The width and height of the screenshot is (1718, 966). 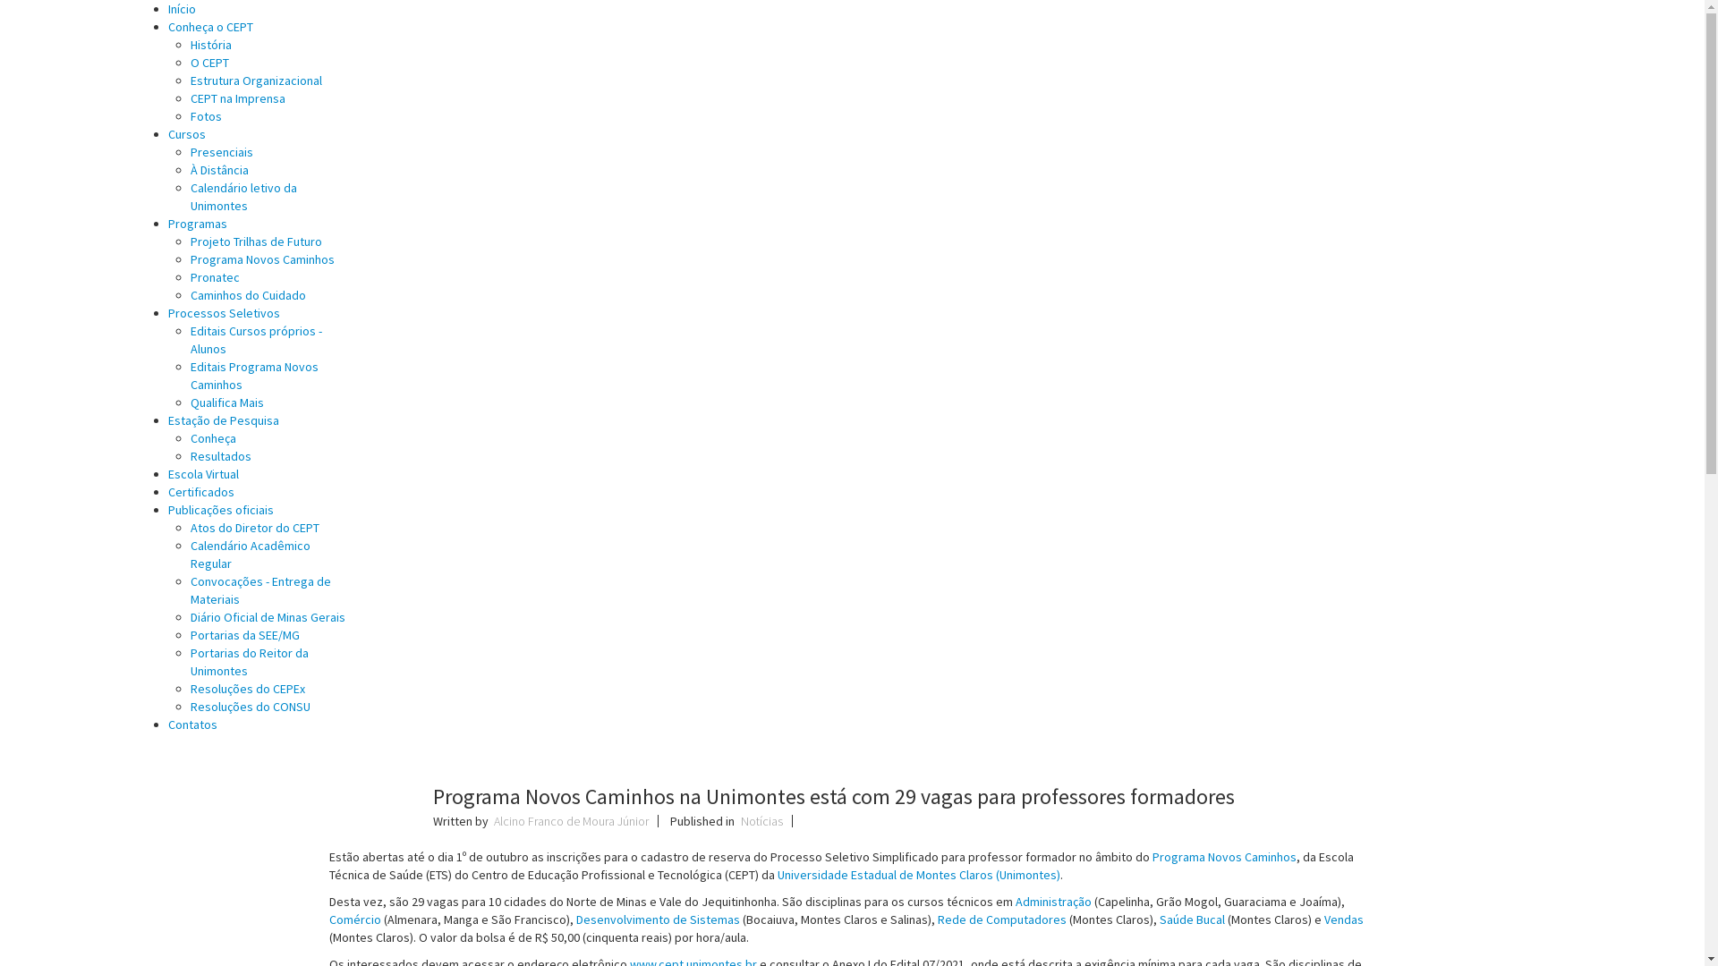 What do you see at coordinates (243, 633) in the screenshot?
I see `'Portarias da SEE/MG'` at bounding box center [243, 633].